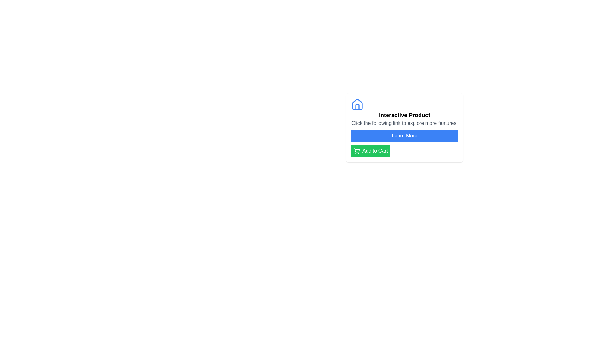  I want to click on the house-shaped icon located above the text 'Interactive Product' in the UI card to access surrounding interactive elements, so click(357, 106).